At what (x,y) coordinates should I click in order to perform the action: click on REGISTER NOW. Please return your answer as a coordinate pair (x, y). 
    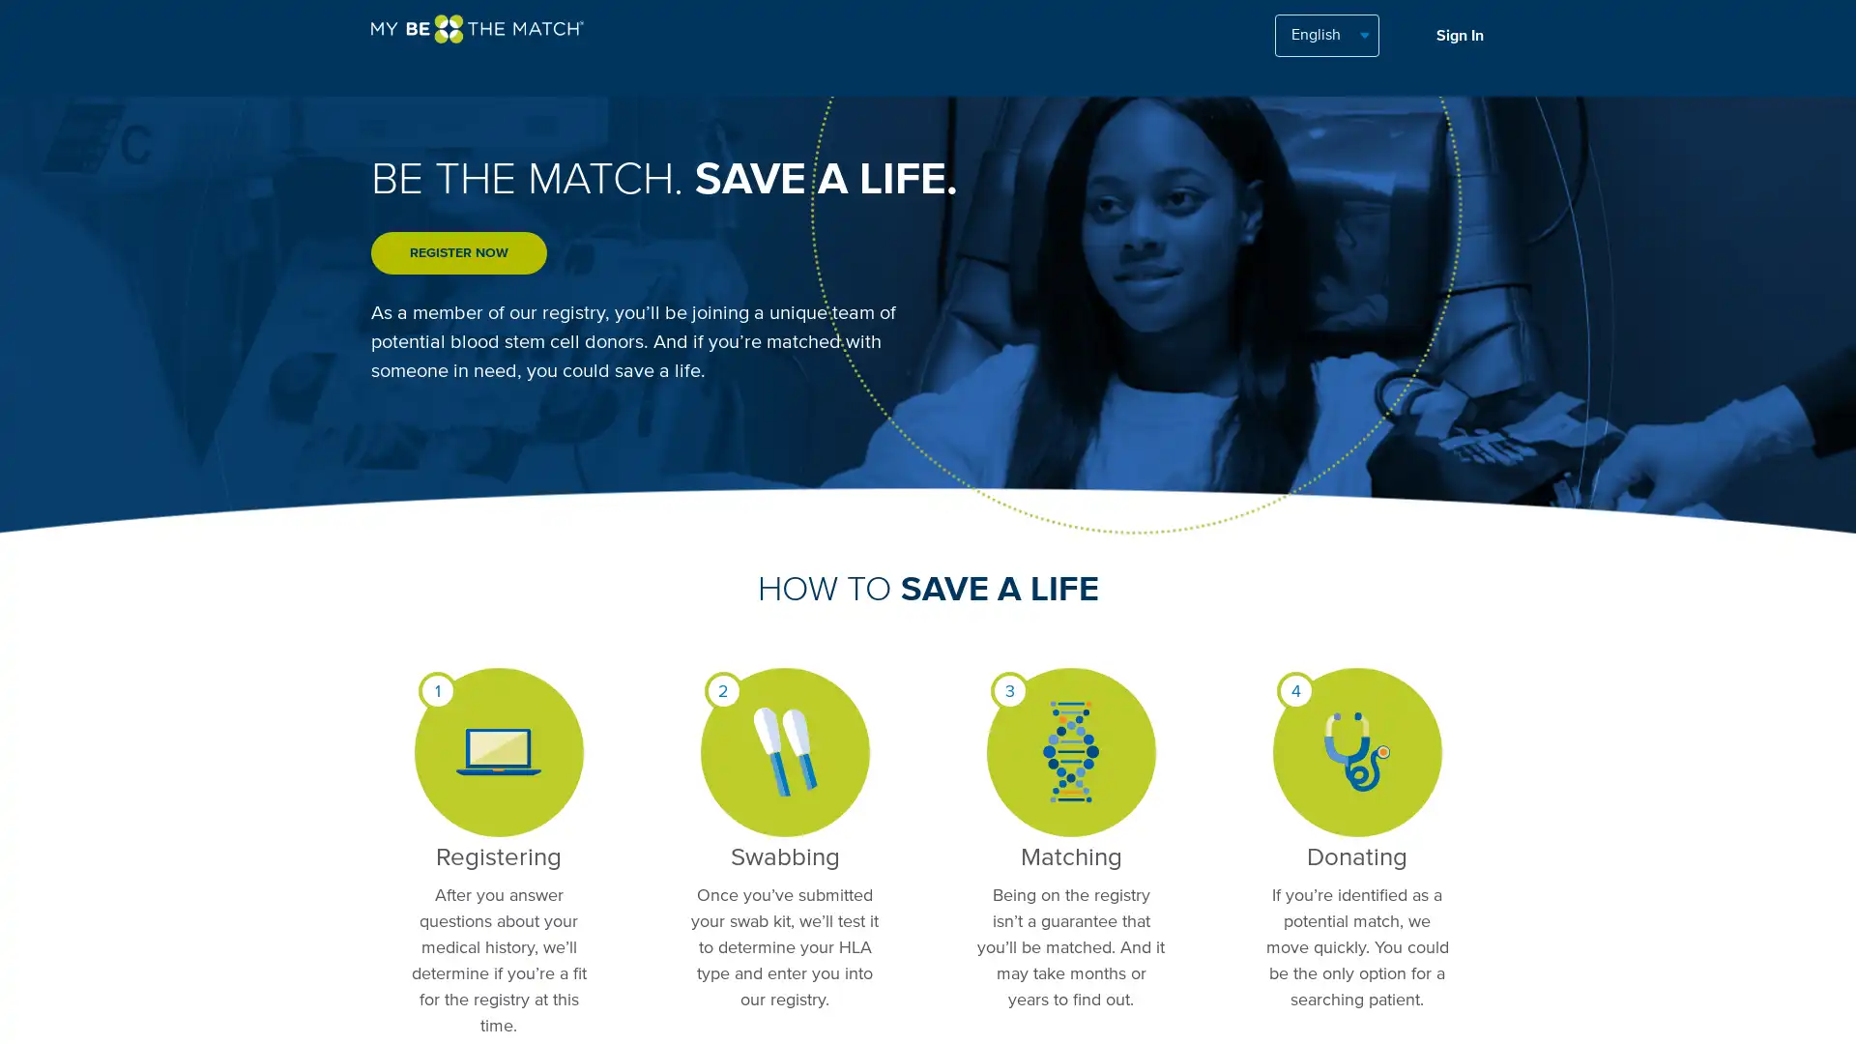
    Looking at the image, I should click on (458, 252).